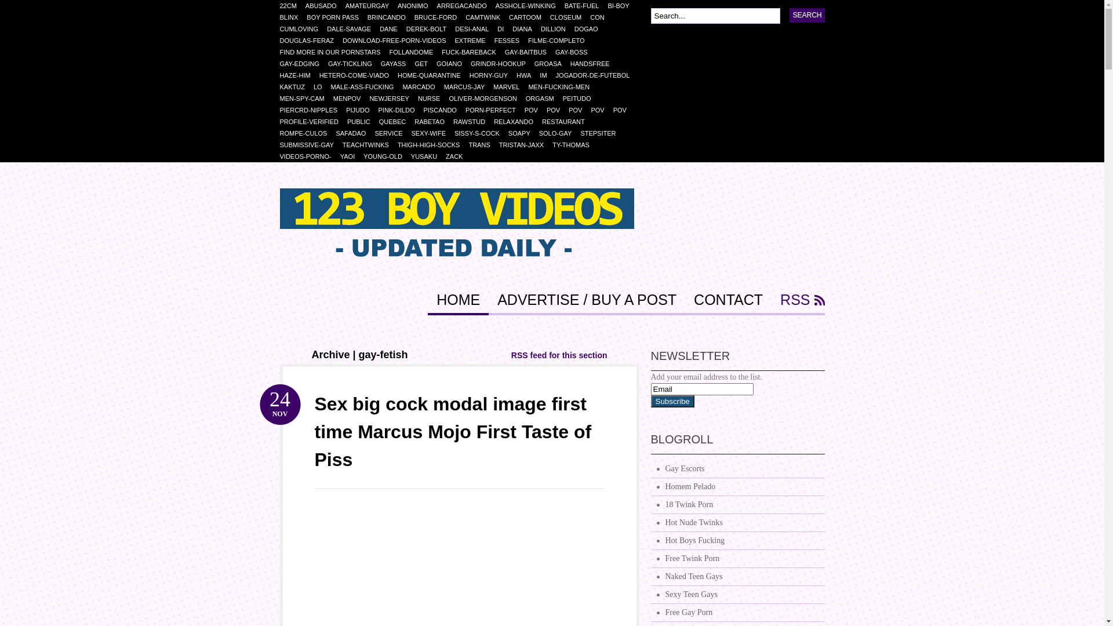 Image resolution: width=1113 pixels, height=626 pixels. Describe the element at coordinates (528, 86) in the screenshot. I see `'MEN-FUCKING-MEN'` at that location.